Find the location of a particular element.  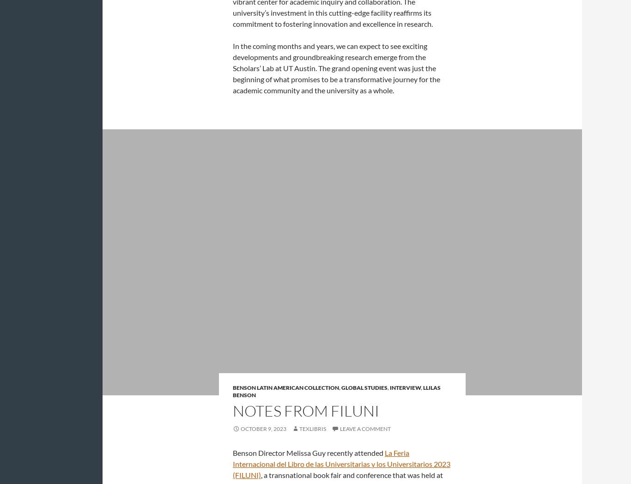

'Interview' is located at coordinates (405, 387).